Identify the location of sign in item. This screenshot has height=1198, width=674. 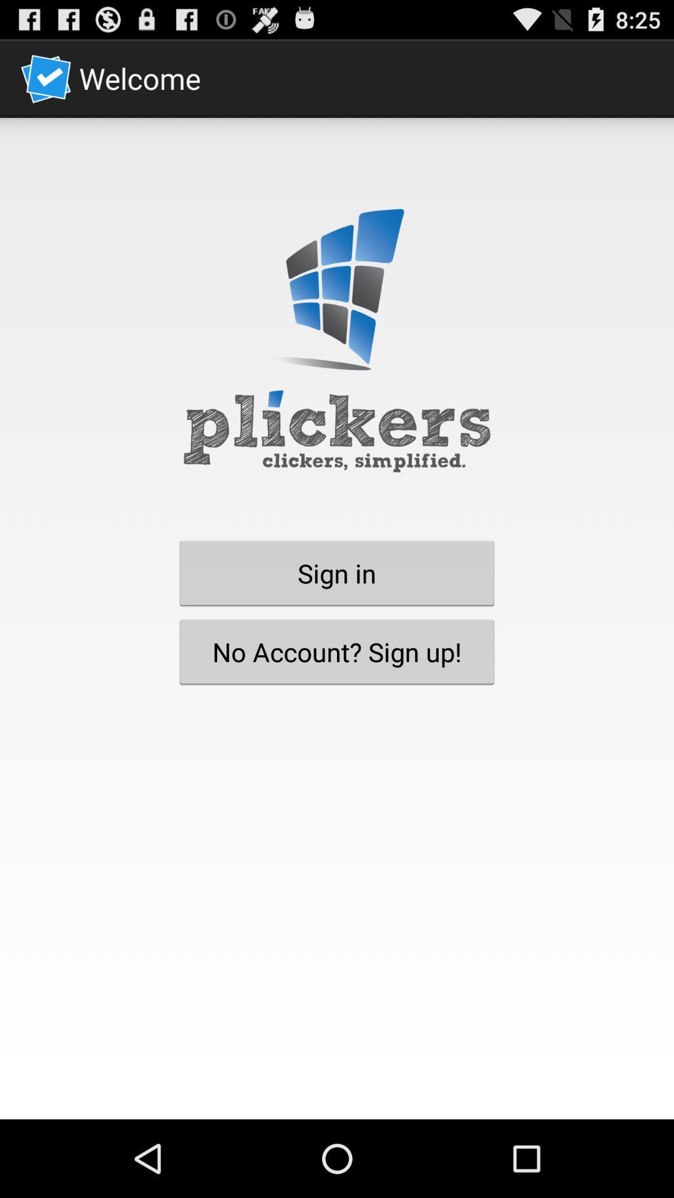
(337, 572).